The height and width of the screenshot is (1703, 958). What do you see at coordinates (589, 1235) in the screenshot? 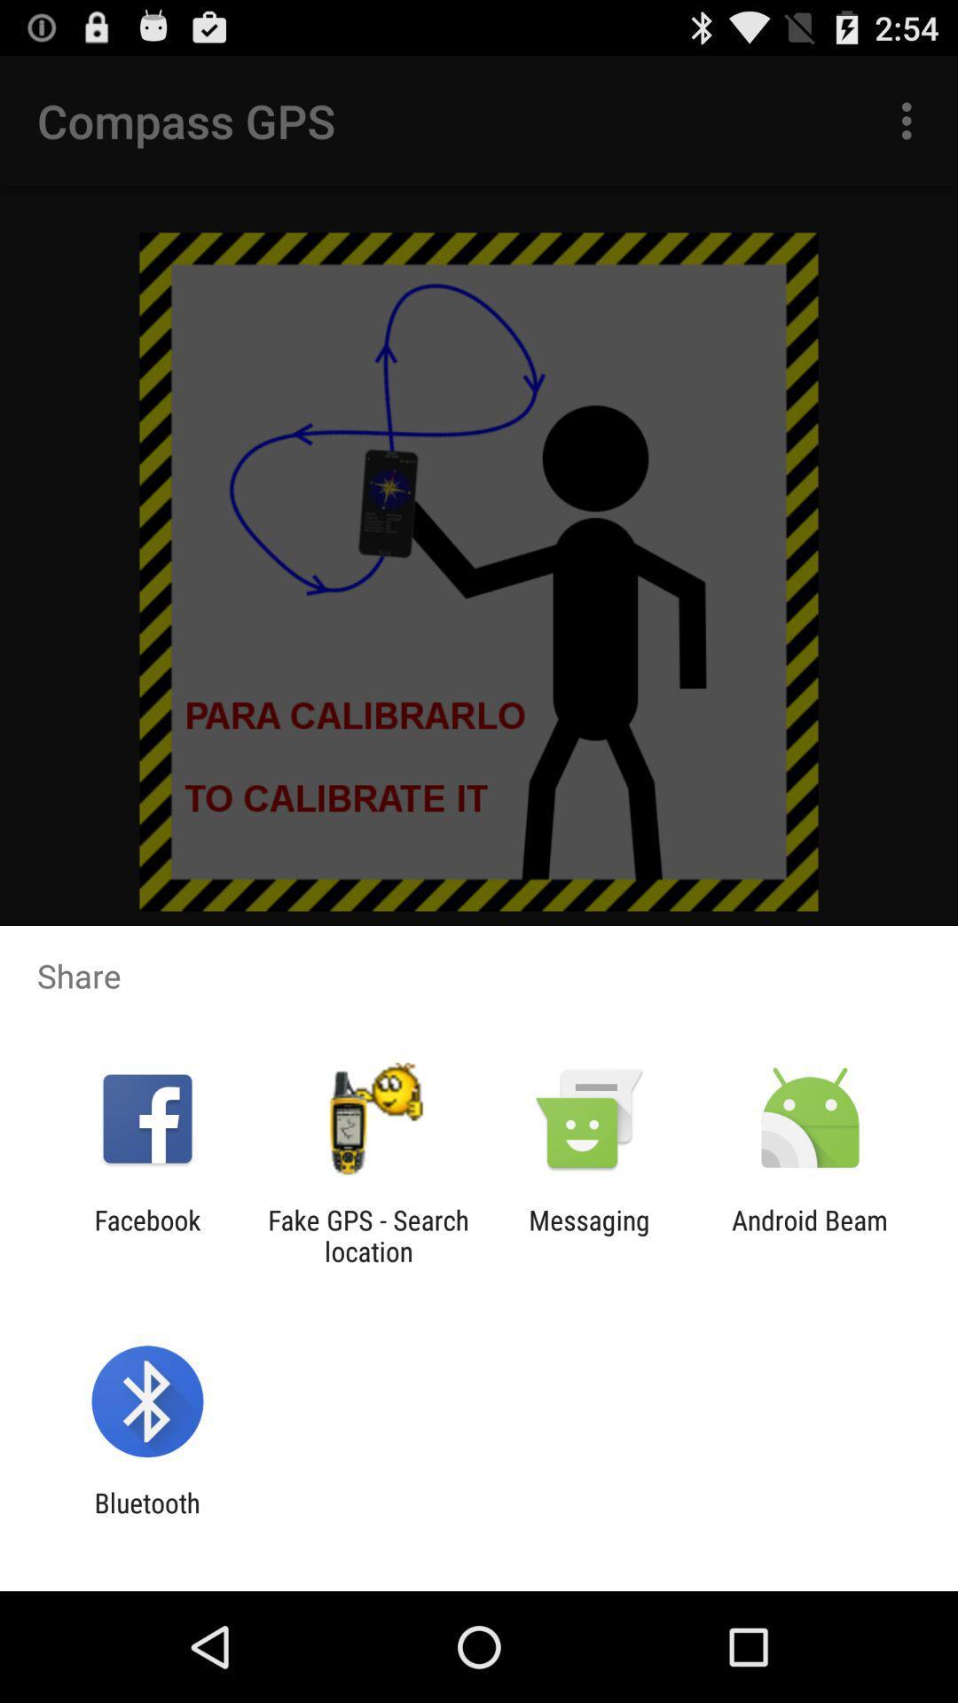
I see `app to the right of the fake gps search item` at bounding box center [589, 1235].